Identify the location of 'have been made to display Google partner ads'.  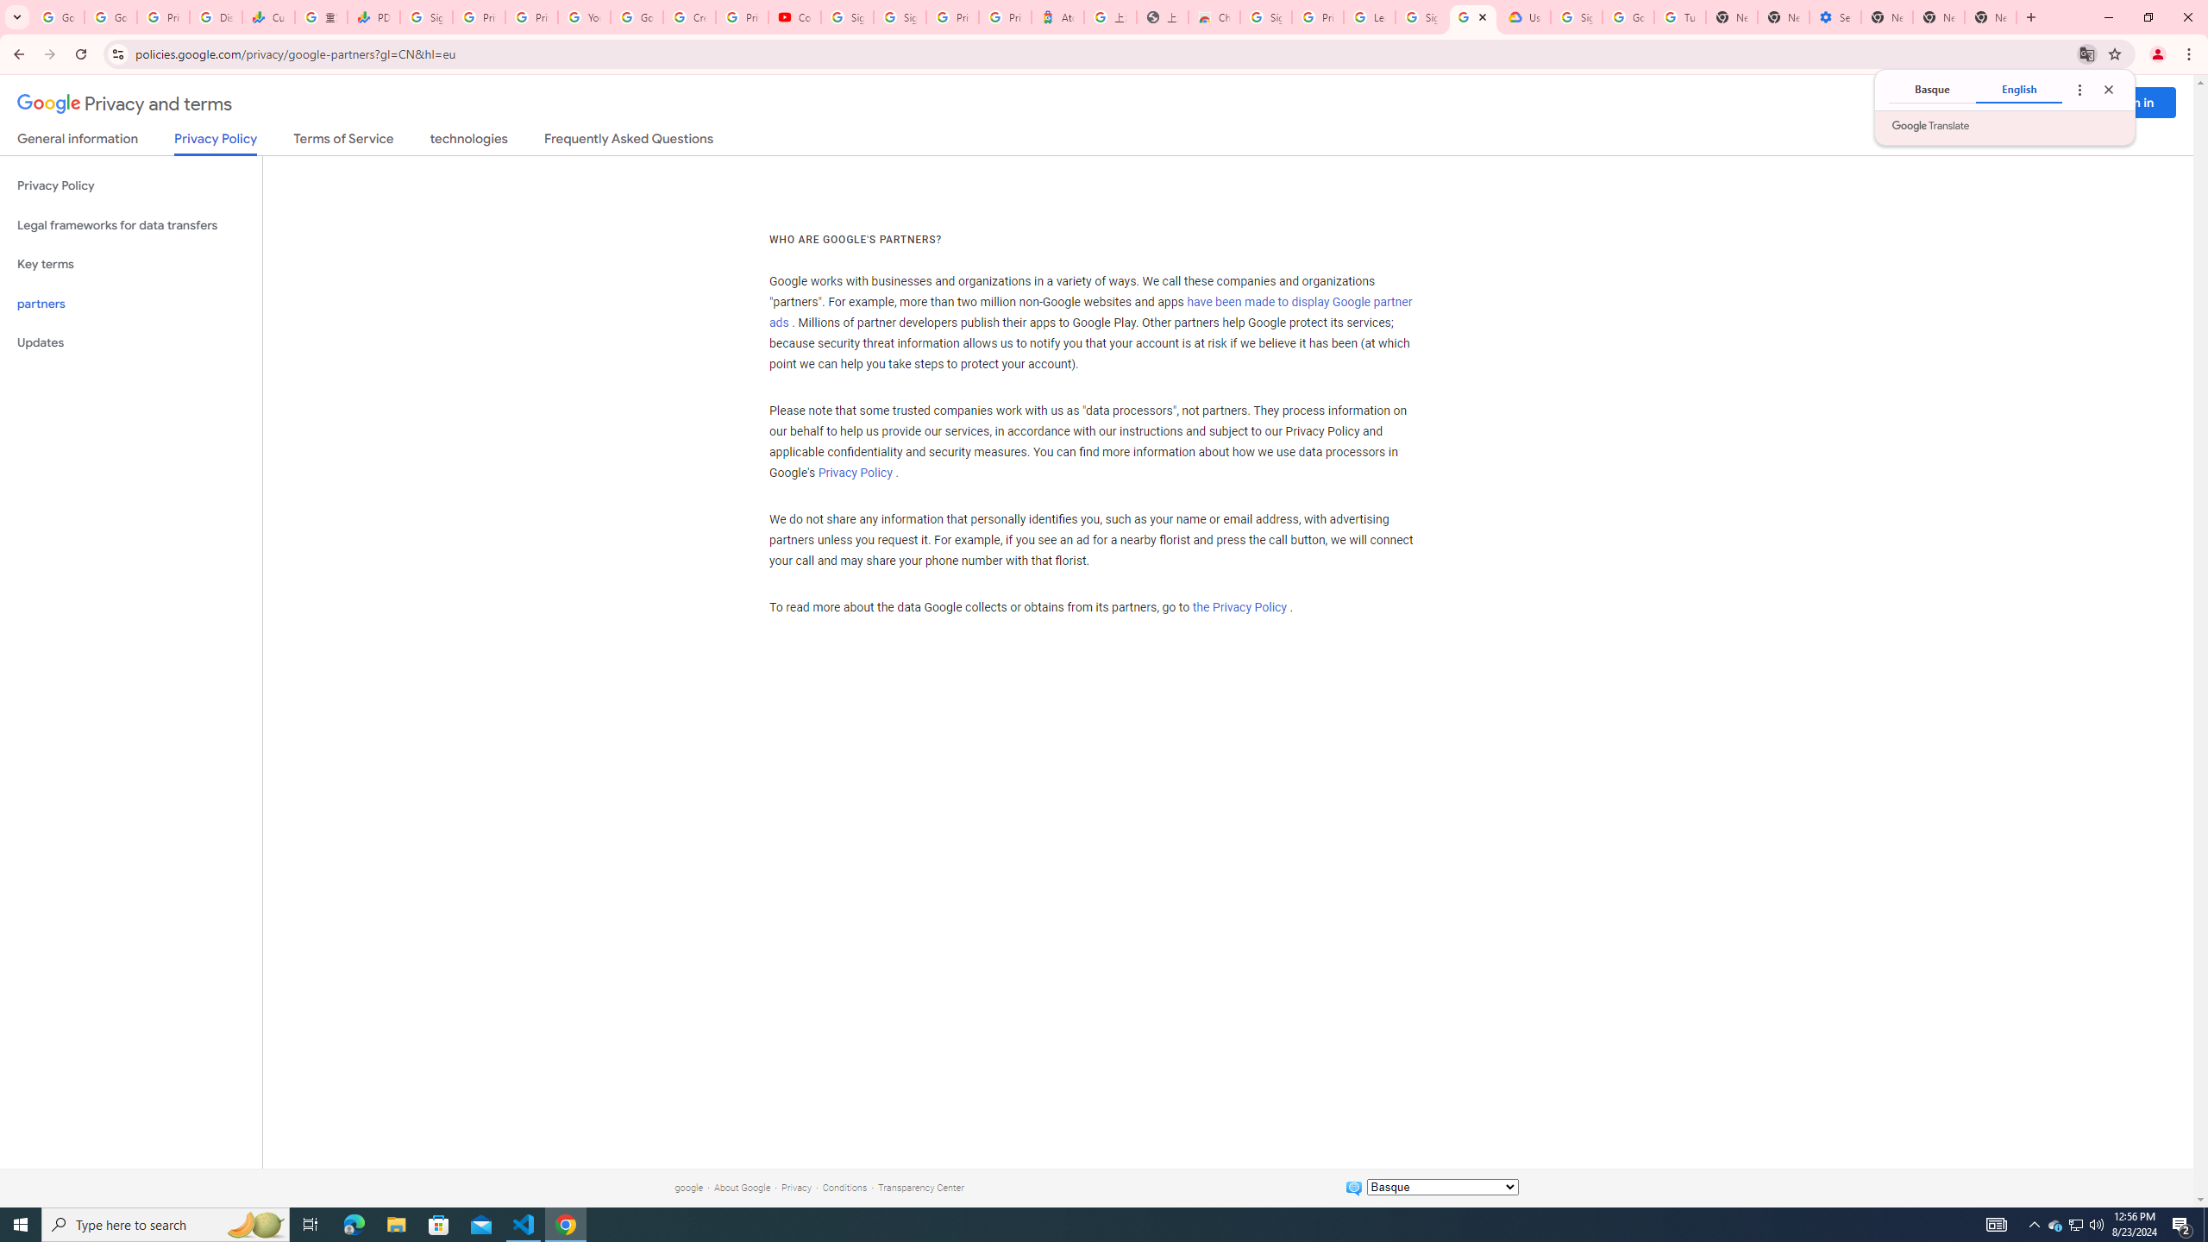
(1089, 313).